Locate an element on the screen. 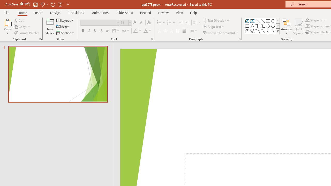  'Bullets' is located at coordinates (161, 22).